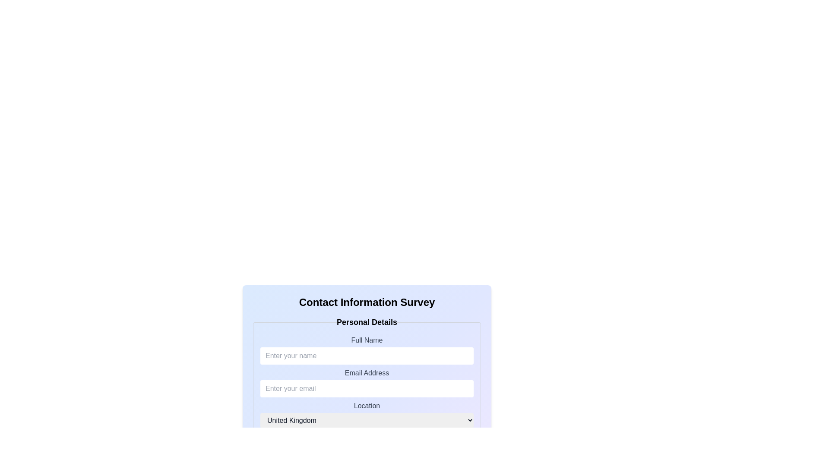 This screenshot has height=466, width=829. I want to click on to select text in the email input box labeled 'Email Address' within the 'Contact Information Survey' section, so click(367, 389).